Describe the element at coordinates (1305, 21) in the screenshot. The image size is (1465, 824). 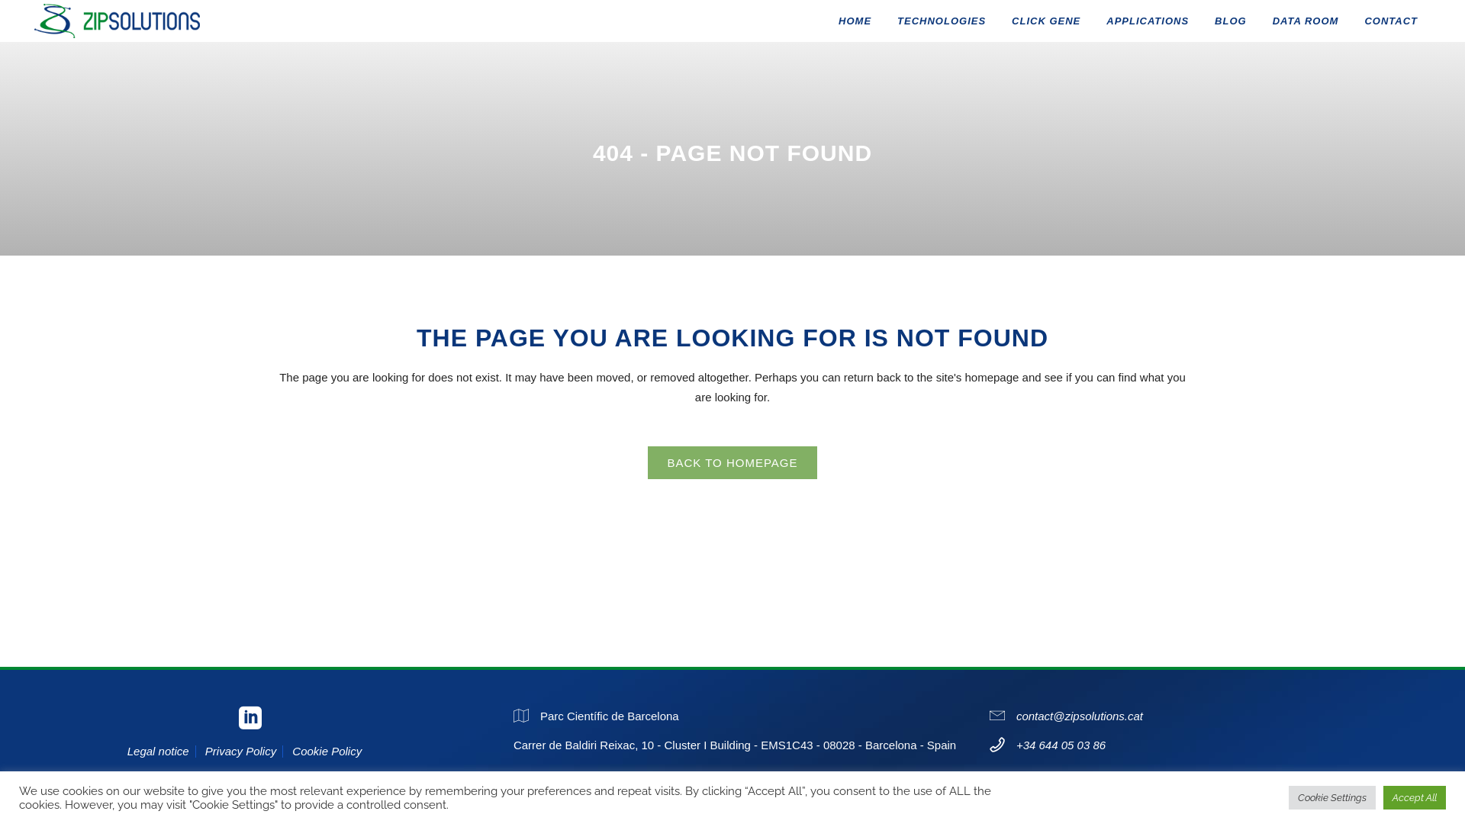
I see `'DATA ROOM'` at that location.